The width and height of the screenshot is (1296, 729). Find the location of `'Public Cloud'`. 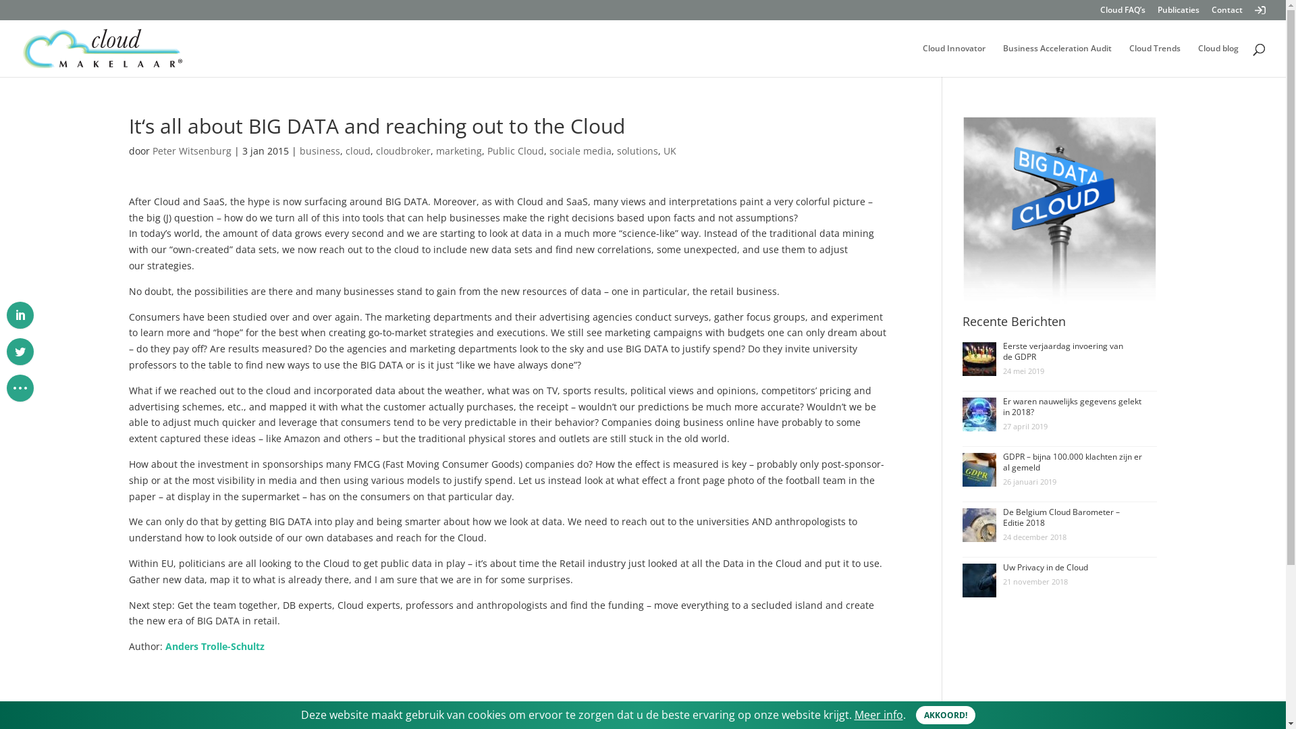

'Public Cloud' is located at coordinates (514, 151).